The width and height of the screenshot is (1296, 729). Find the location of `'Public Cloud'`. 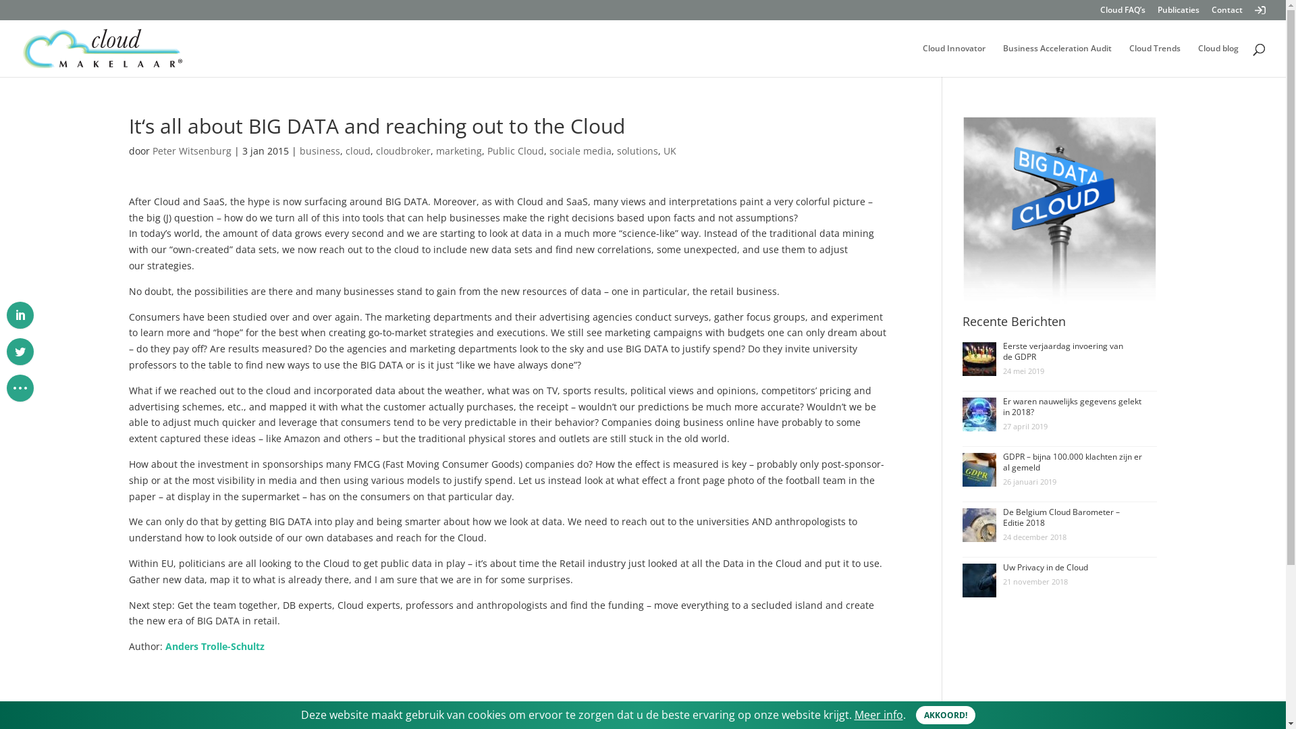

'Public Cloud' is located at coordinates (514, 151).